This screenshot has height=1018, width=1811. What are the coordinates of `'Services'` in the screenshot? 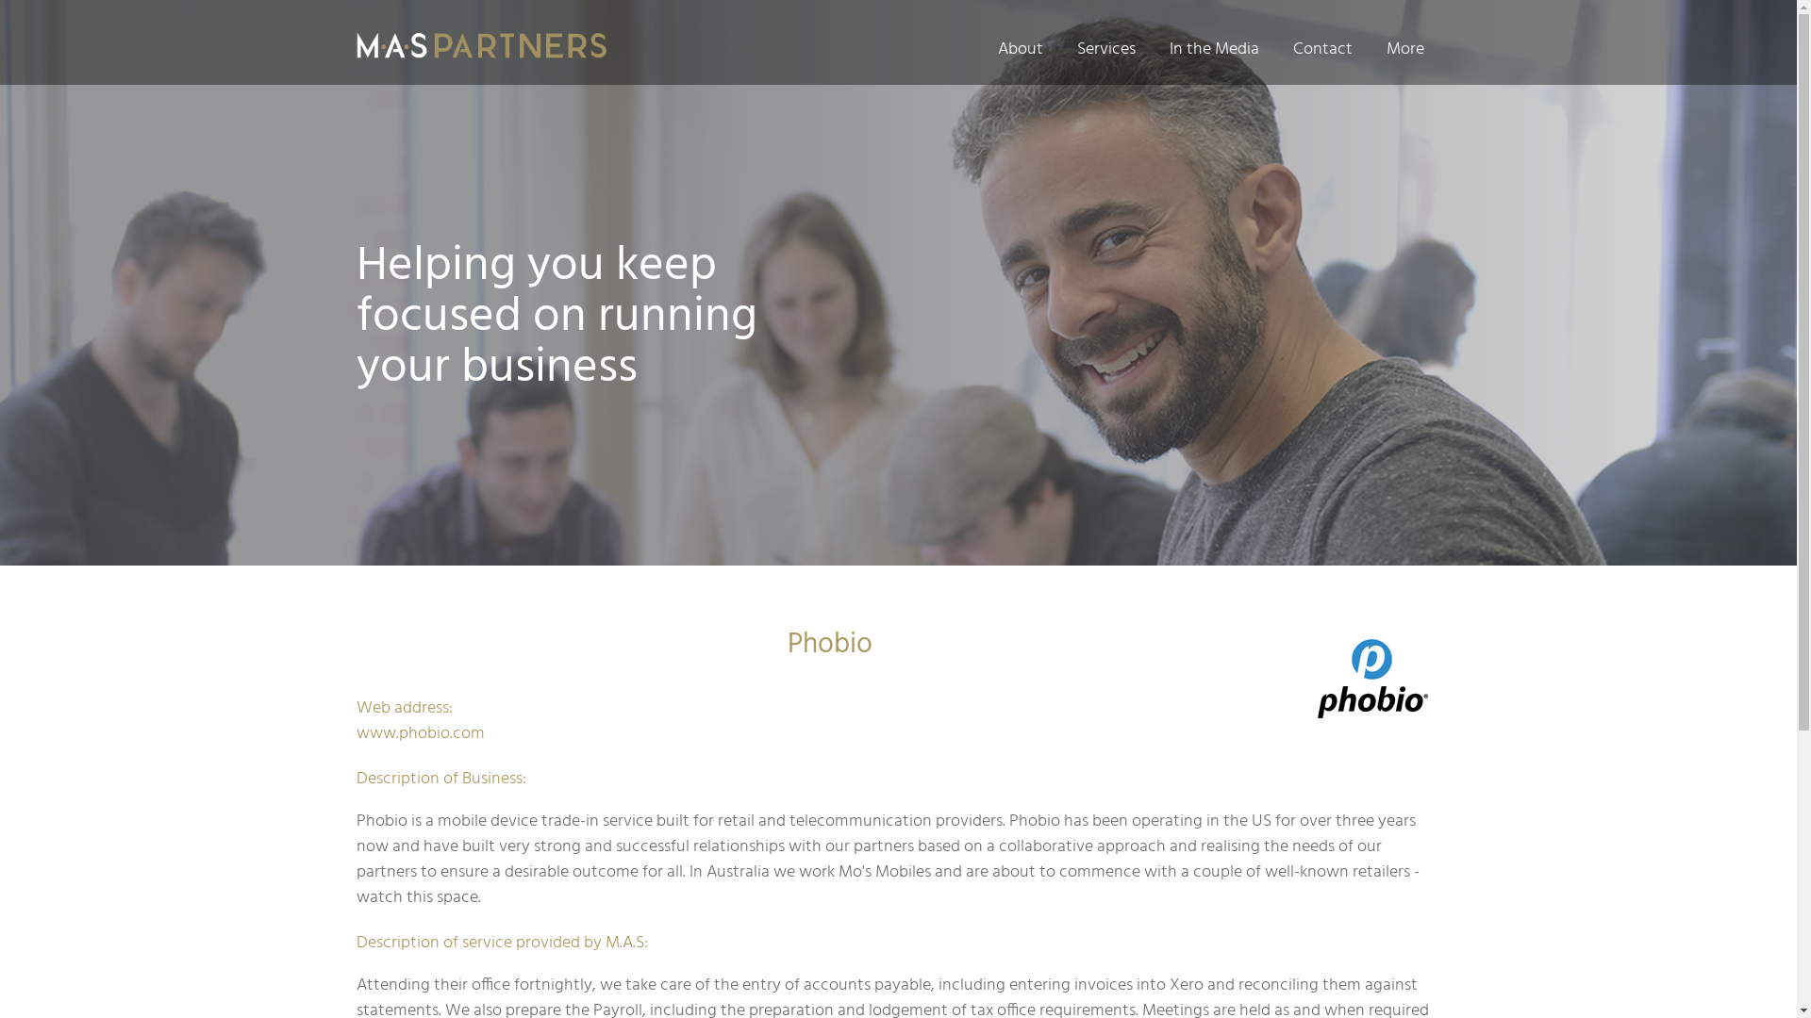 It's located at (1105, 48).